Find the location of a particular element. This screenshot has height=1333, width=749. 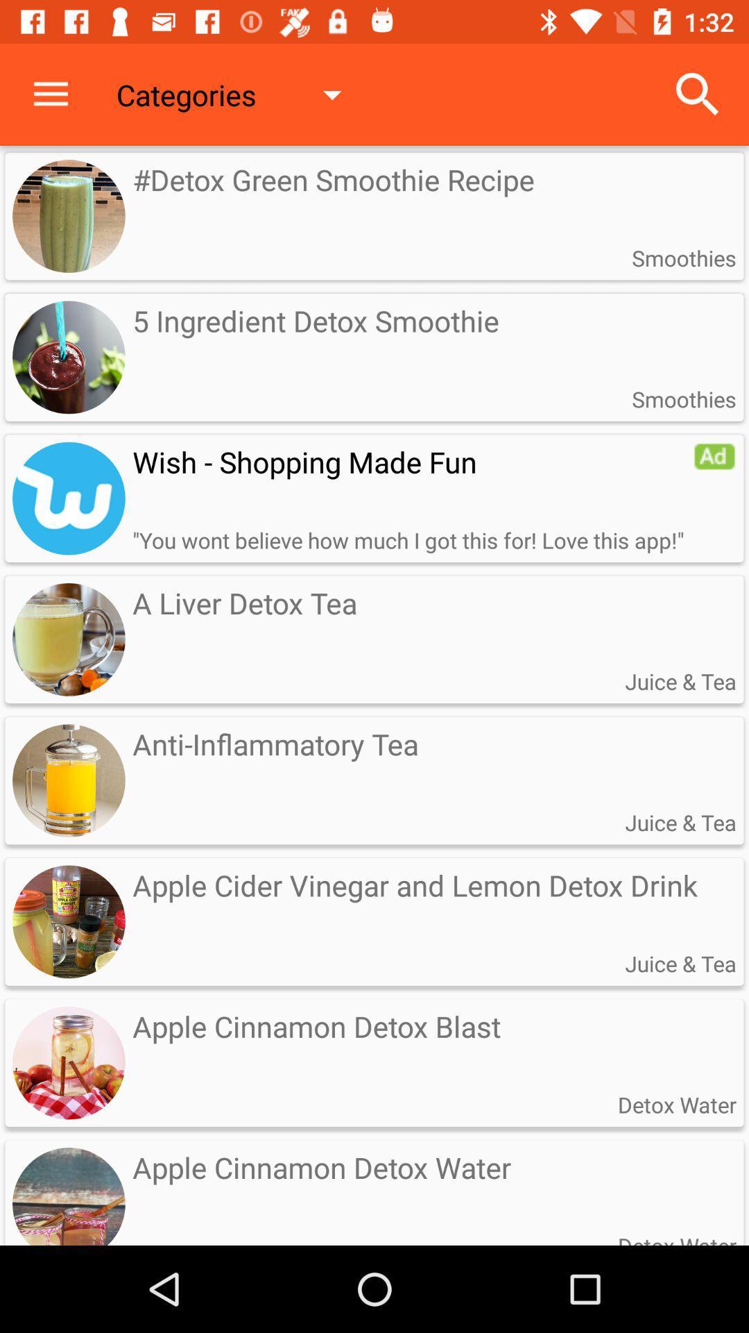

the icon below wish shopping made icon is located at coordinates (407, 539).